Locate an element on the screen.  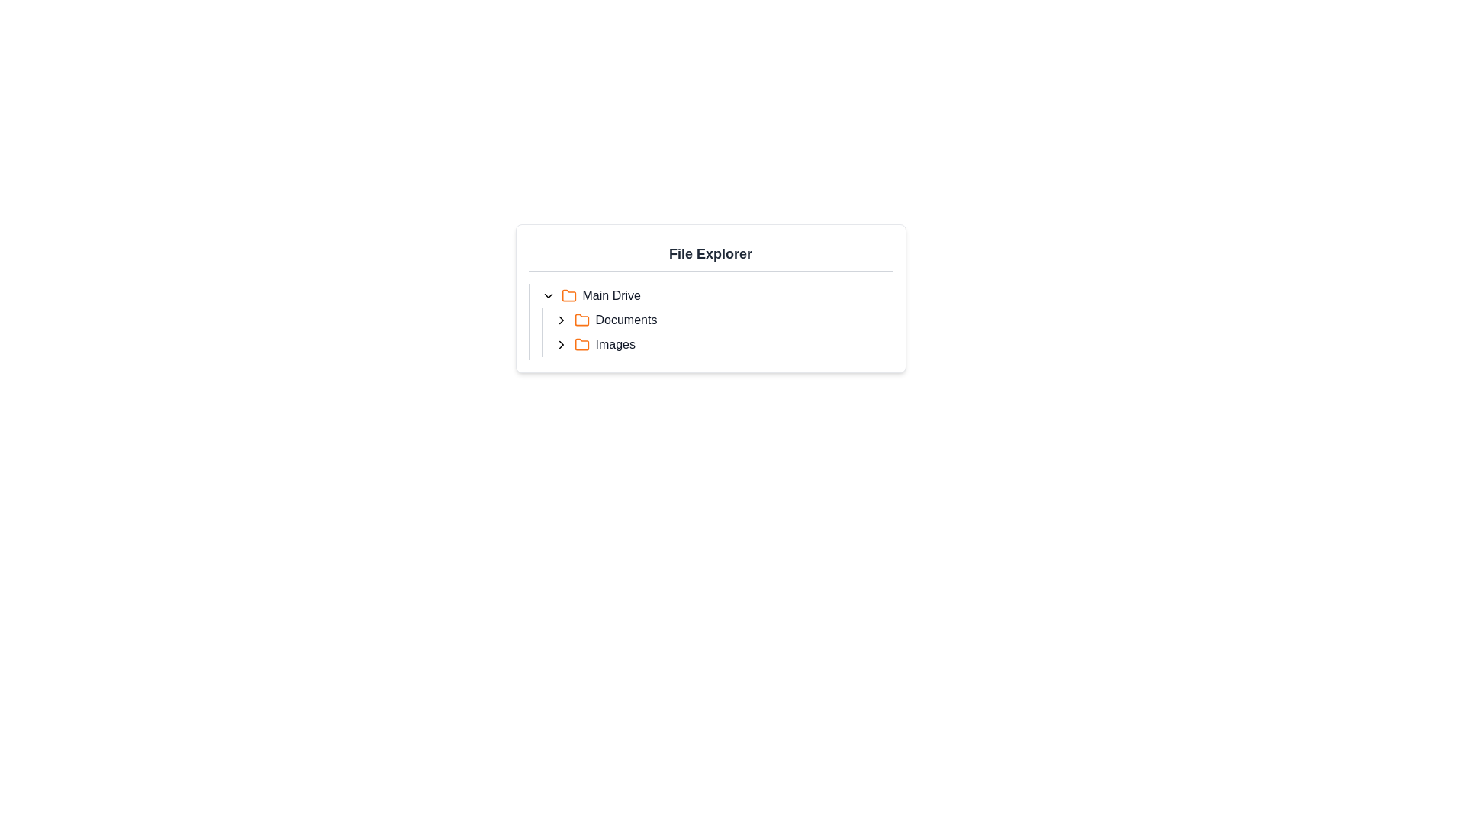
the folder-shaped icon with an orange outline located next to the 'Images' label in the file explorer interface is located at coordinates (581, 344).